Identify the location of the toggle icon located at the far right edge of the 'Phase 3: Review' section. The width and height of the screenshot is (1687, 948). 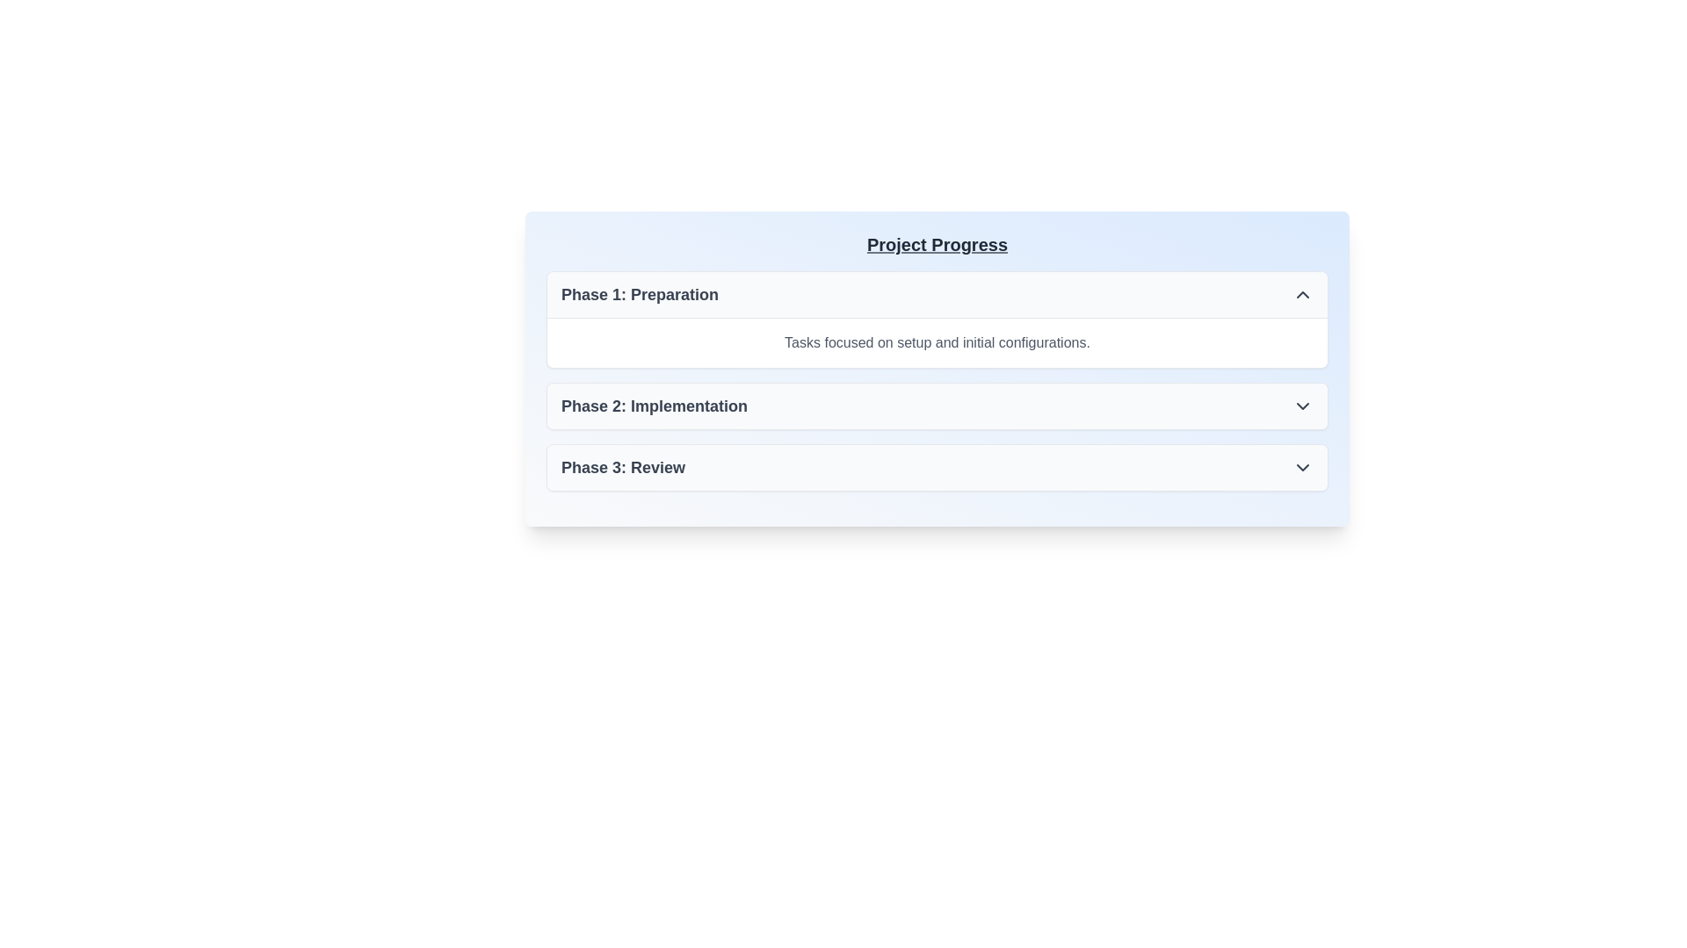
(1303, 466).